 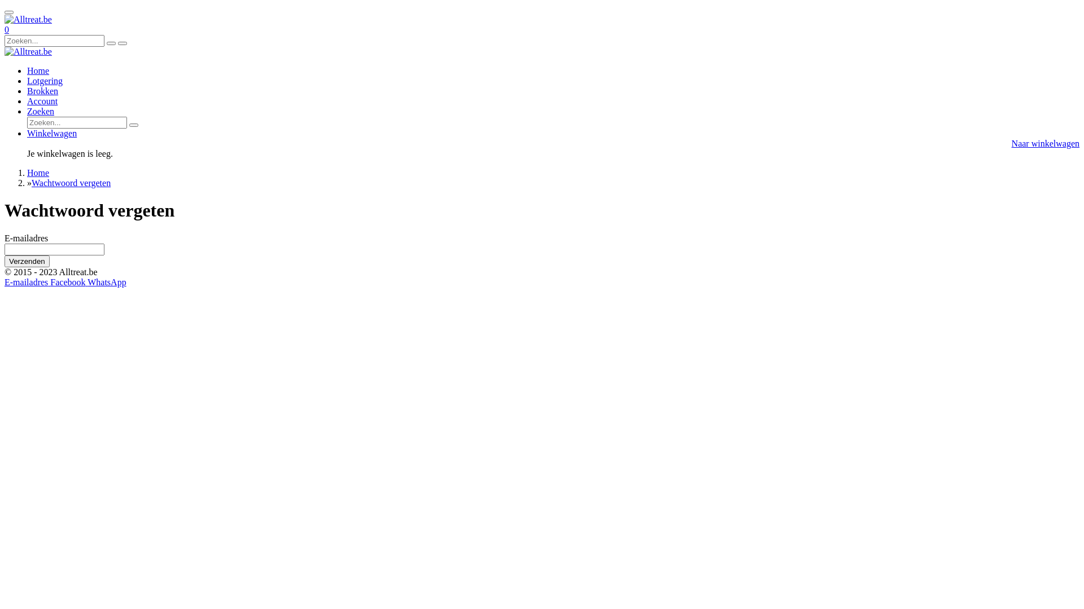 What do you see at coordinates (68, 281) in the screenshot?
I see `'Facebook'` at bounding box center [68, 281].